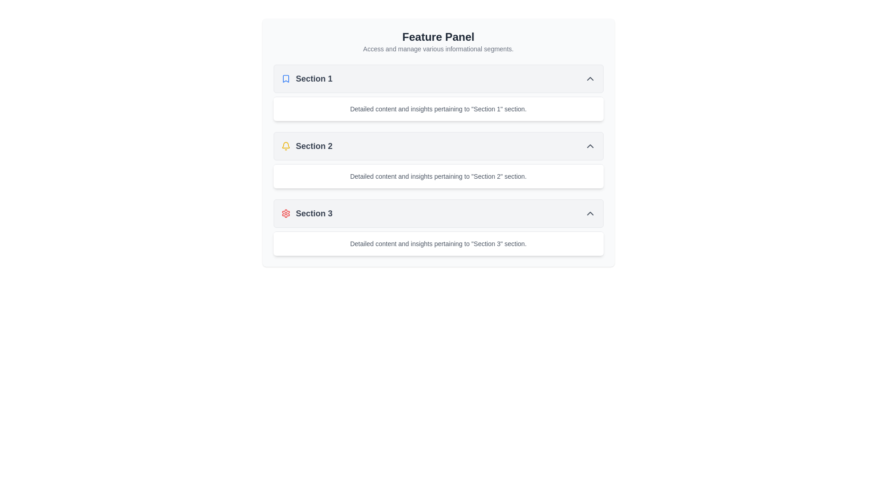  I want to click on the Text Label that serves as the title or heading for the section, positioned above the subtitle 'Access and manage various informational segments.', so click(438, 37).